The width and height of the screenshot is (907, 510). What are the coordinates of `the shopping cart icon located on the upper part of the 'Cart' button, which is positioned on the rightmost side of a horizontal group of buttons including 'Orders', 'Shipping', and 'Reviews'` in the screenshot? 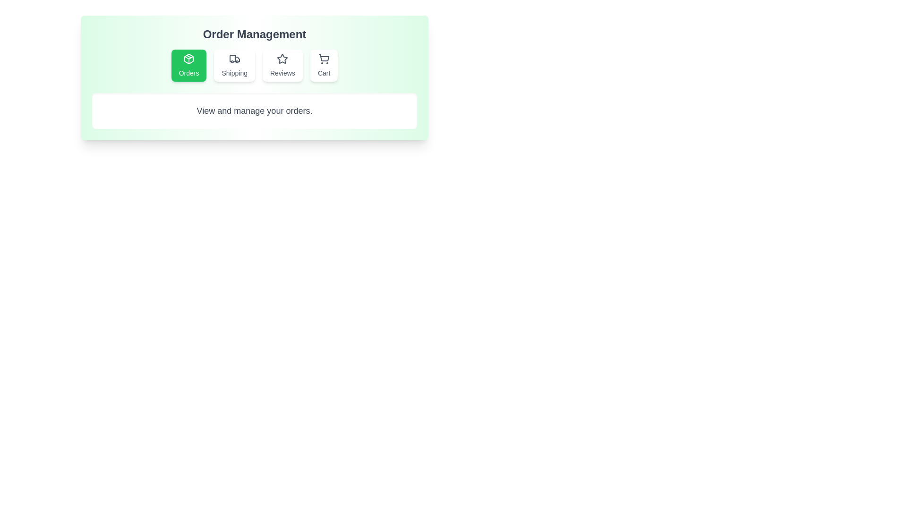 It's located at (324, 59).